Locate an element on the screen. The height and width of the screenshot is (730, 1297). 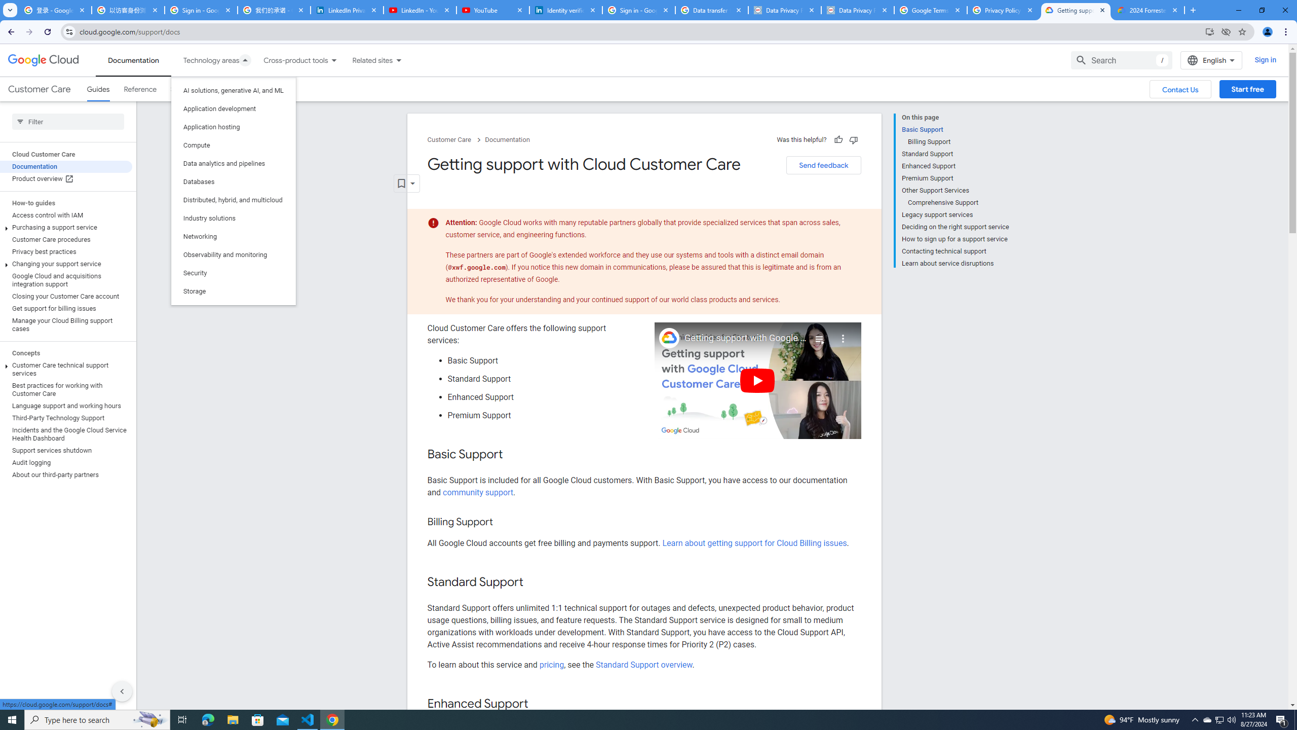
'Copy link to this section: Standard Support' is located at coordinates (533, 582).